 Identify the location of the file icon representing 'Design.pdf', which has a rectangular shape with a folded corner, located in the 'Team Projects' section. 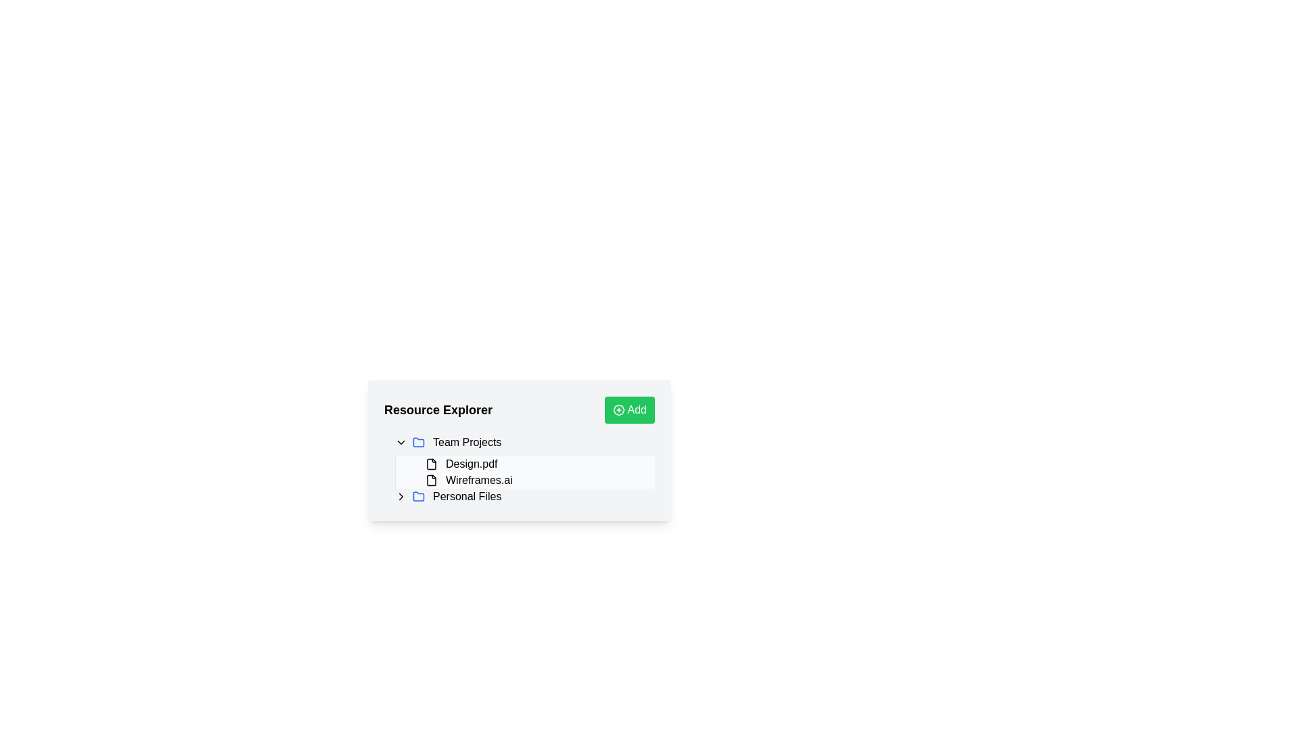
(431, 464).